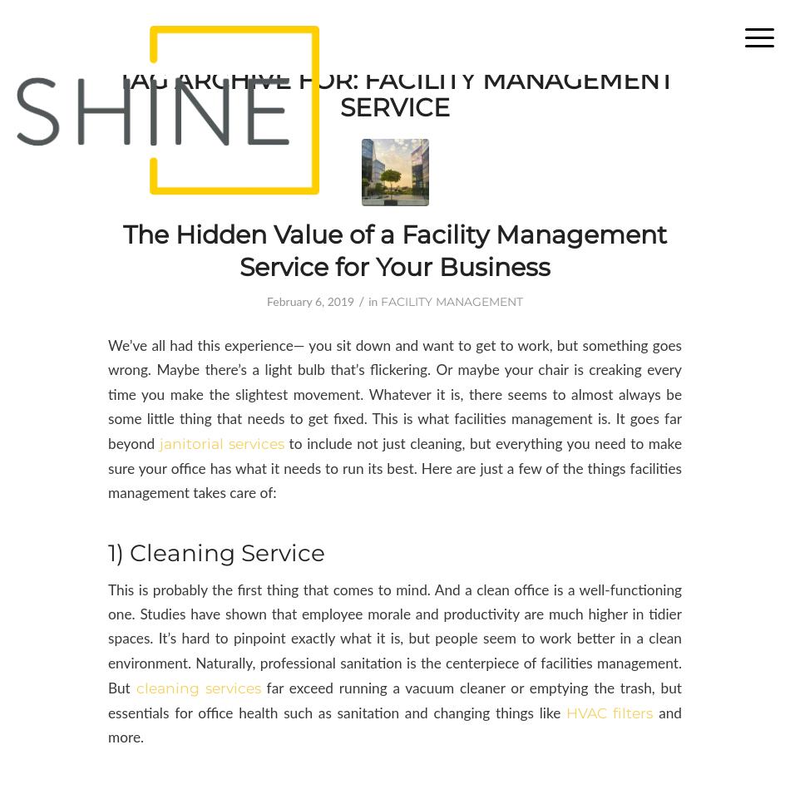 The width and height of the screenshot is (790, 804). I want to click on 'and more.', so click(395, 725).